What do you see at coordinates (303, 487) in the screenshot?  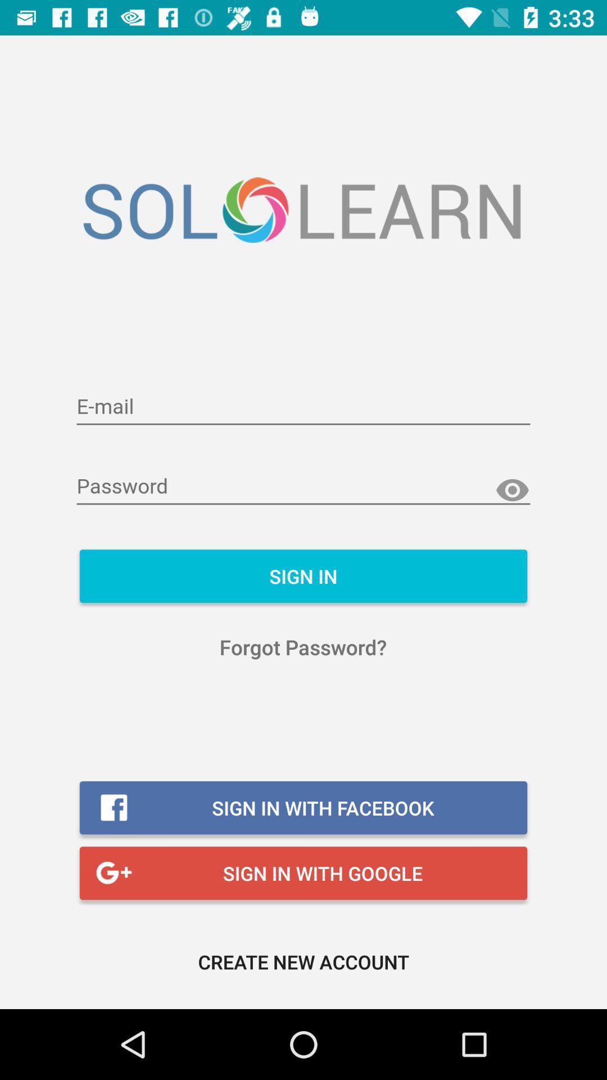 I see `password` at bounding box center [303, 487].